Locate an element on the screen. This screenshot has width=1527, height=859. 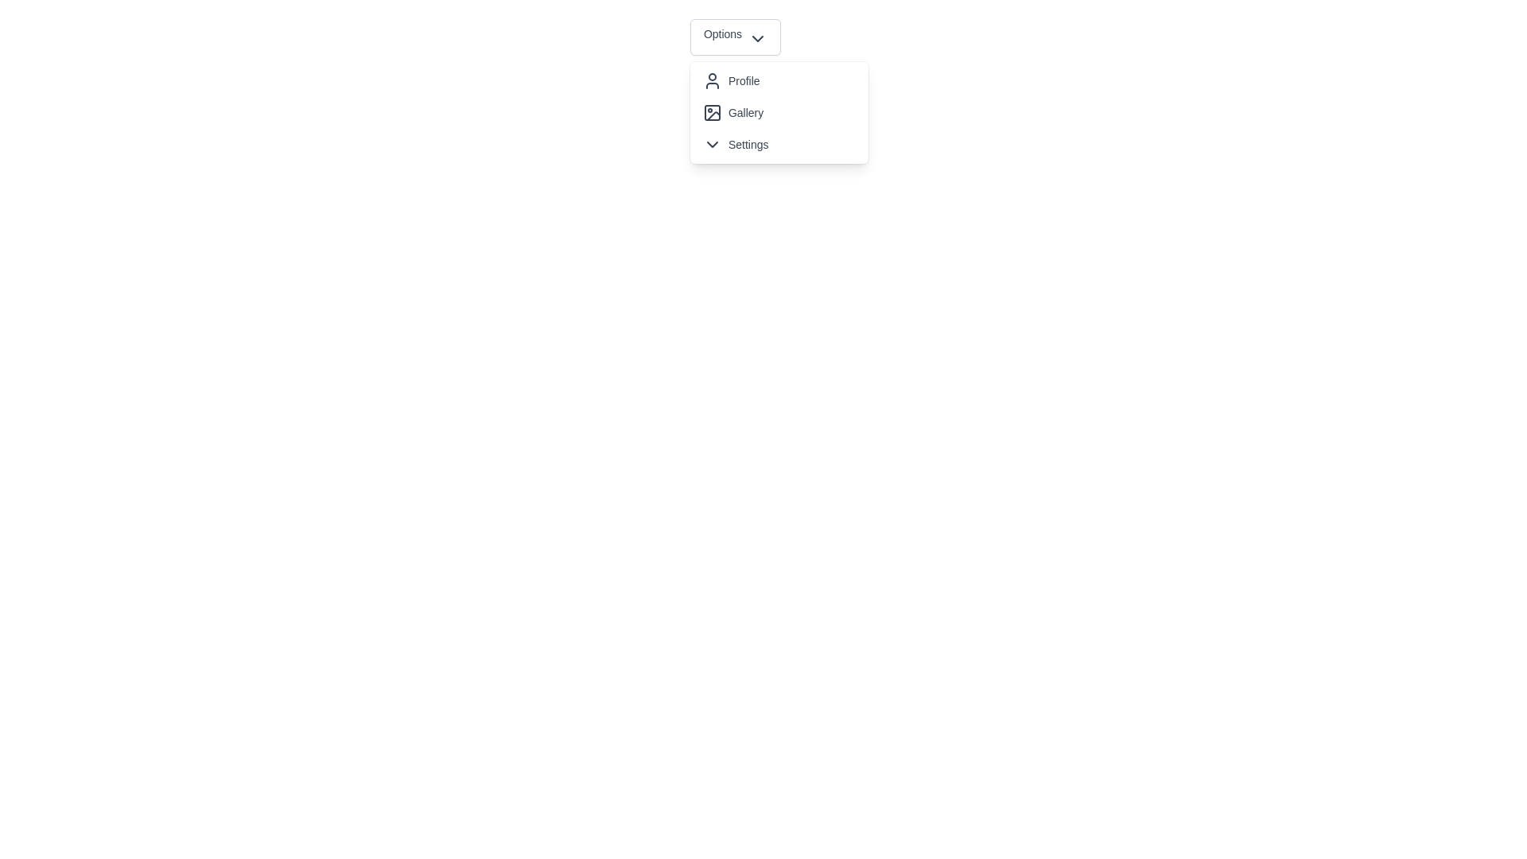
the second item in the vertical dropdown menu, which serves as a navigation option to redirect the user to the gallery-related page is located at coordinates (779, 112).